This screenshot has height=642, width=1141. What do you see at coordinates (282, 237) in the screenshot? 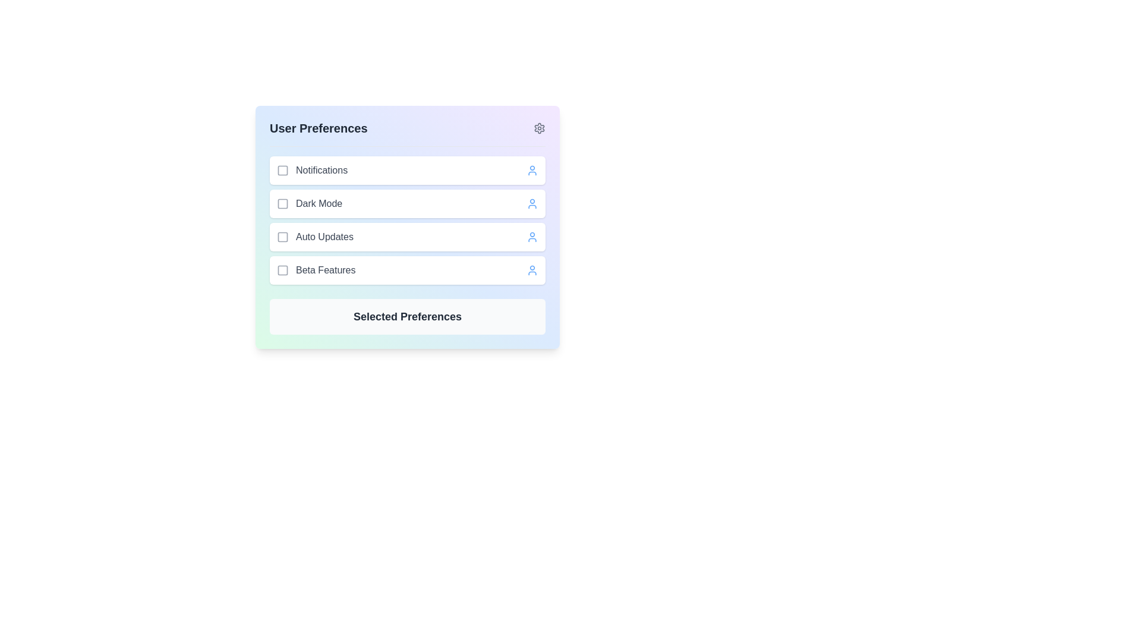
I see `the checkbox adjacent` at bounding box center [282, 237].